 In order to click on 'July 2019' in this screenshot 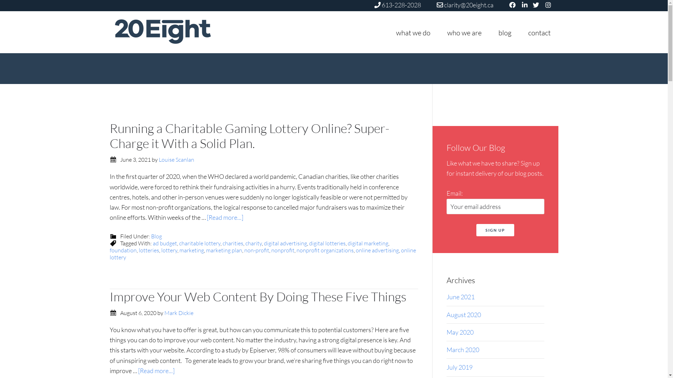, I will do `click(459, 367)`.